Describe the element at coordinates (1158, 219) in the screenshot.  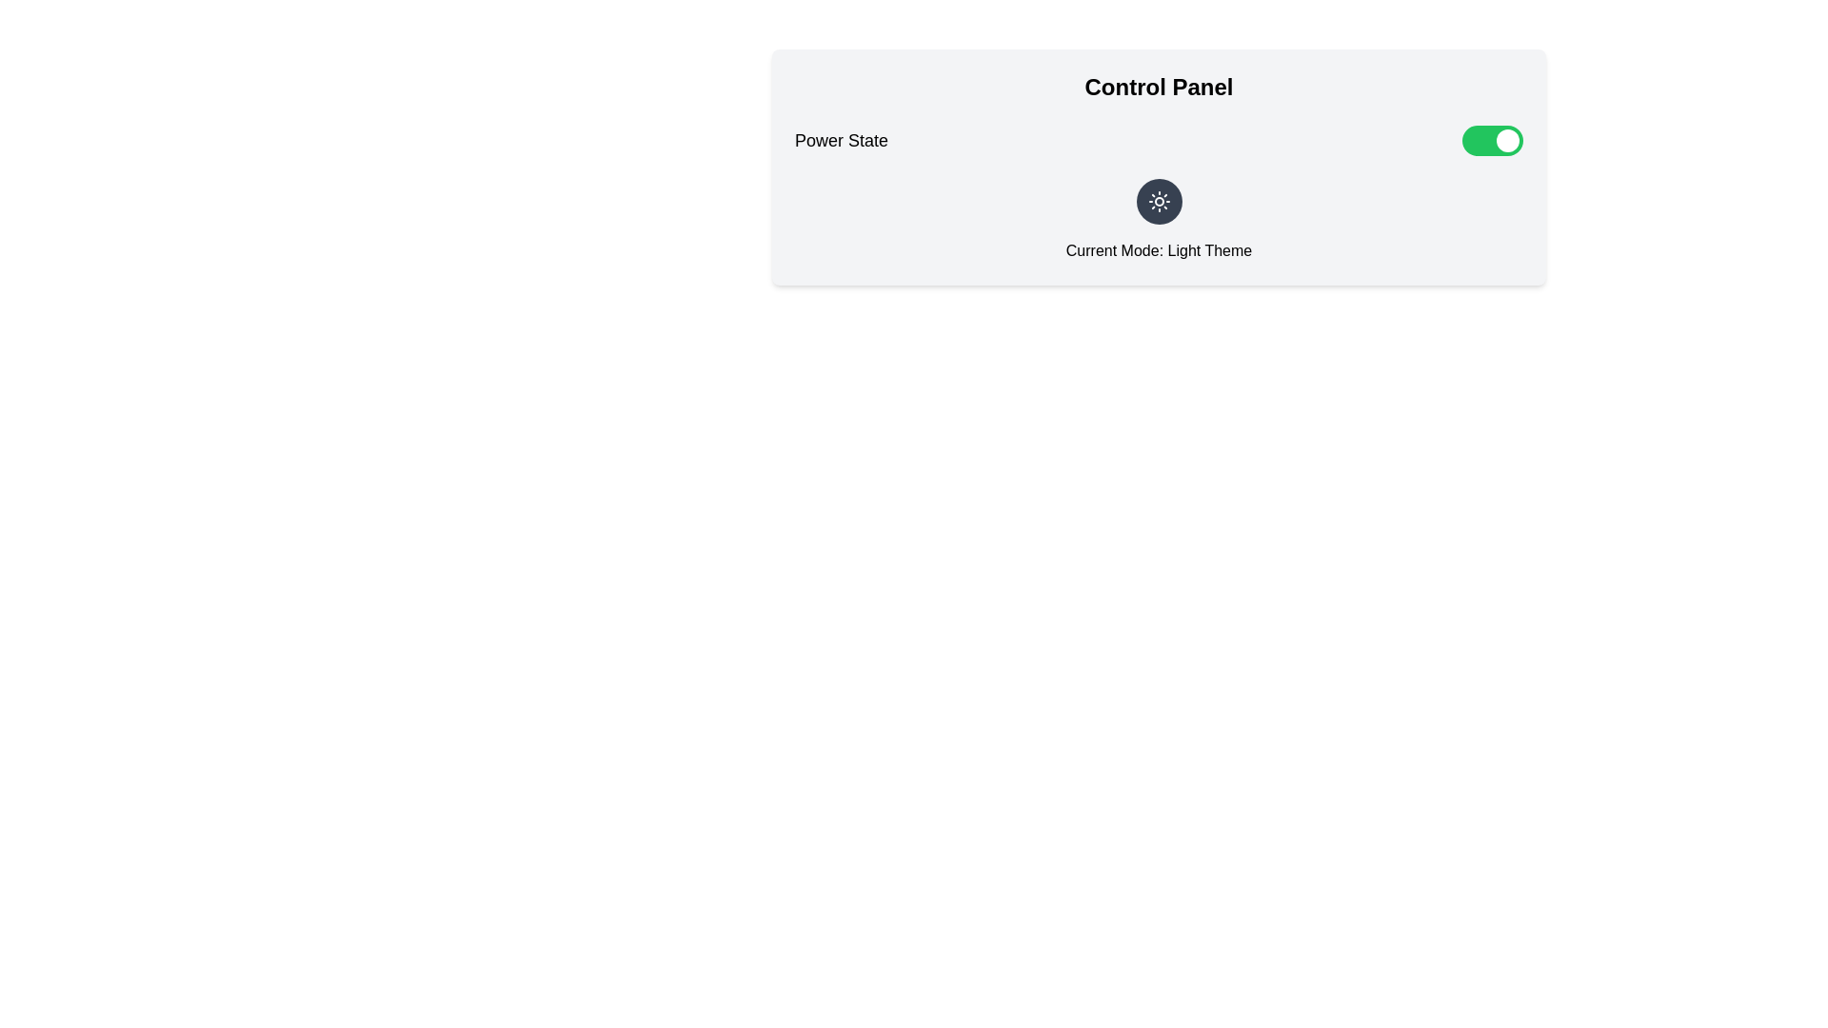
I see `the label displaying 'Current Mode: Light Theme' with the sun icon, located within the 'Control Panel' interface, below the 'Power State' toggle switch` at that location.